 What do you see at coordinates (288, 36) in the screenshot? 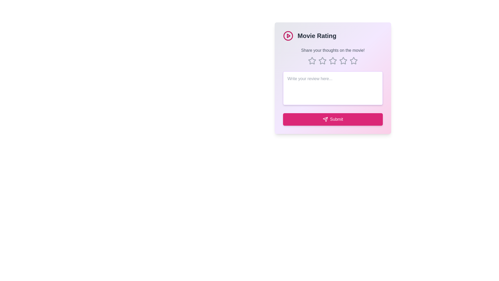
I see `the pink triangle play button icon located within the circular frame, which is part of the 'Movie Rating' dialog box, aligned to the left of the headline` at bounding box center [288, 36].